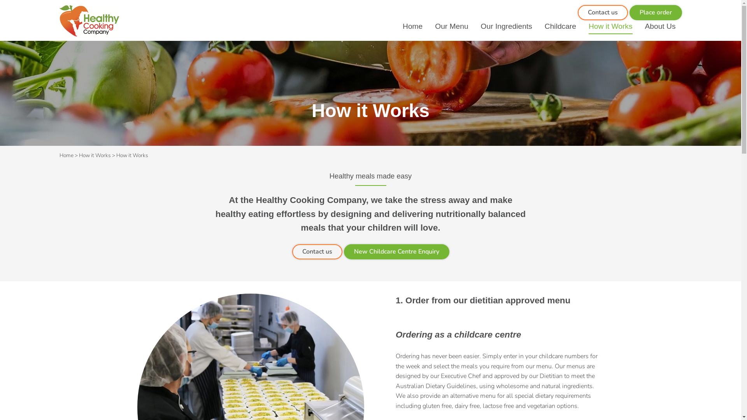 The image size is (747, 420). I want to click on 'Healthy Cooking Company', so click(89, 20).